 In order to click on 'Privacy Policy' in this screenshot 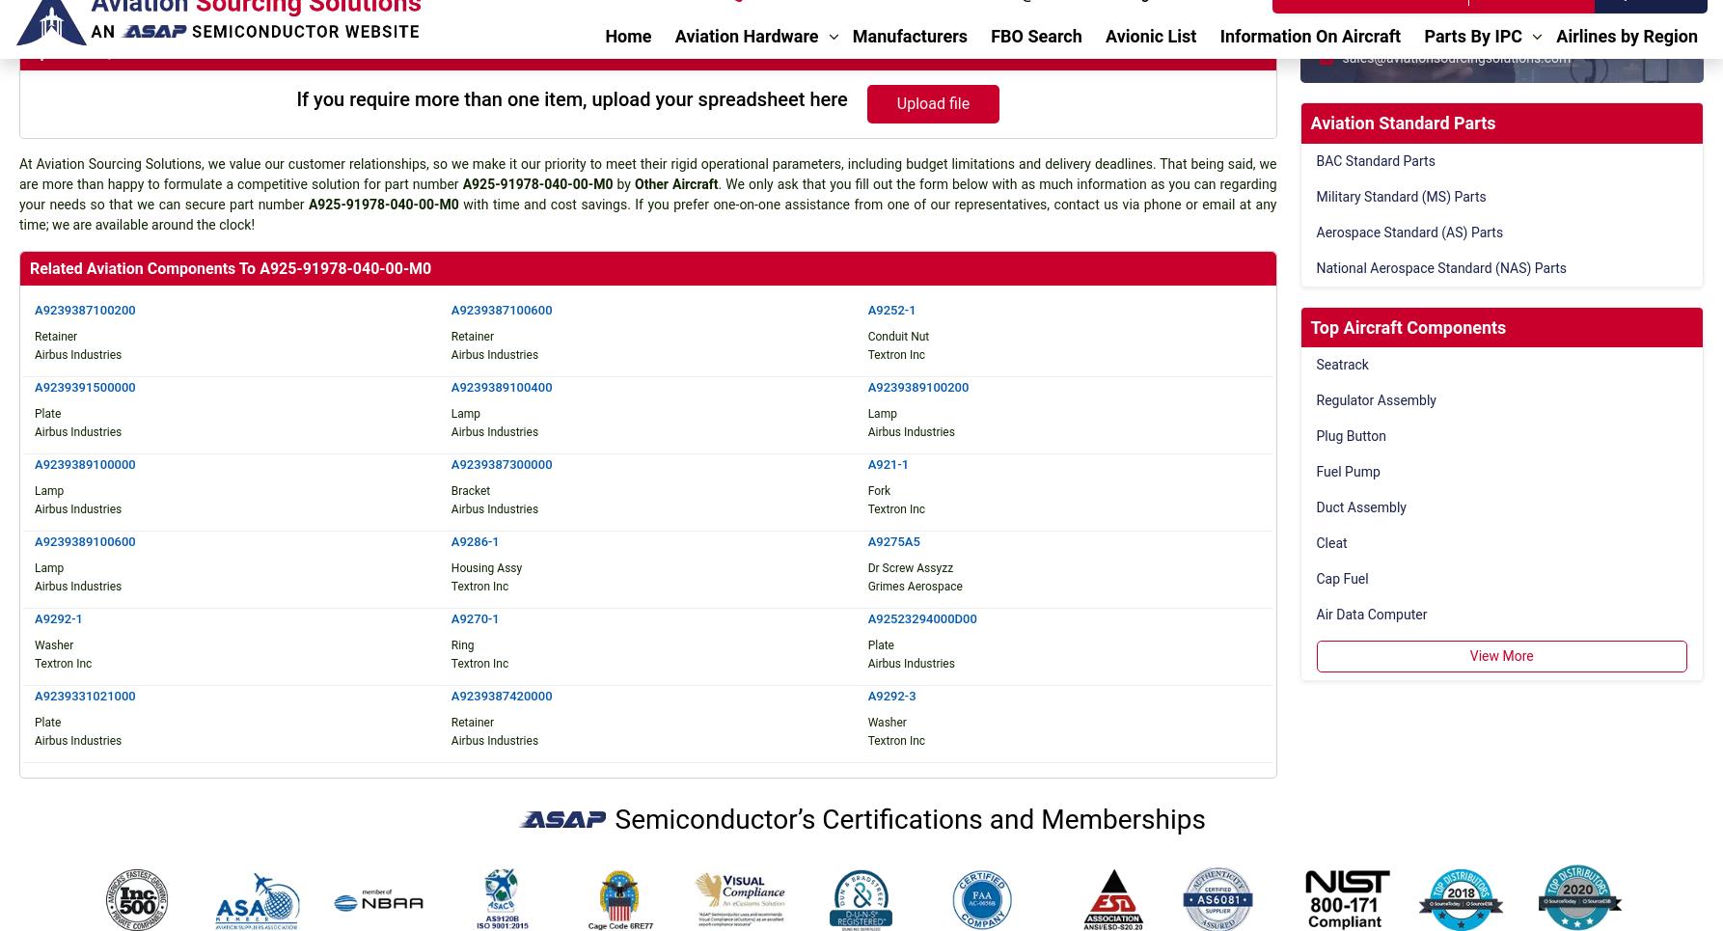, I will do `click(1044, 788)`.